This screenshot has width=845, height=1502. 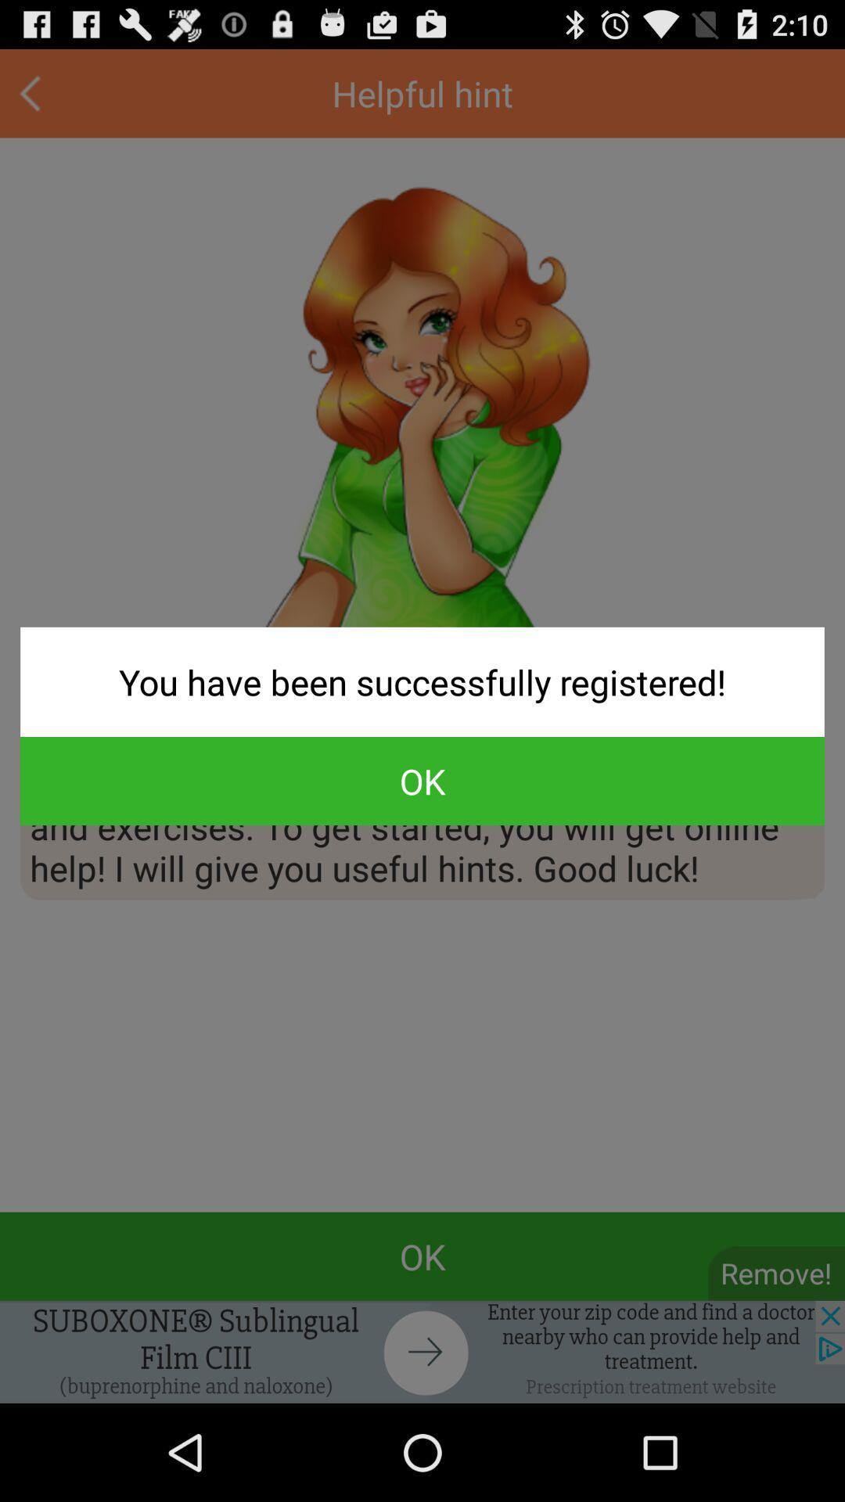 I want to click on the ok button, so click(x=422, y=781).